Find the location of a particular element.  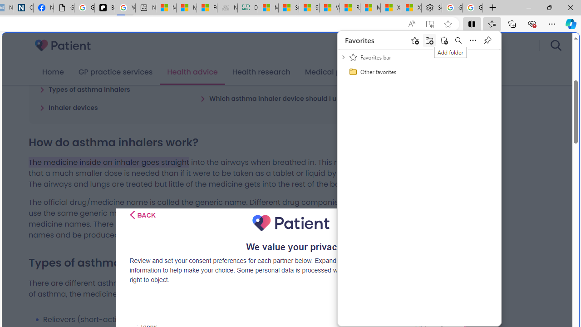

'Google Analytics Opt-out Browser Add-on Download Page' is located at coordinates (63, 8).